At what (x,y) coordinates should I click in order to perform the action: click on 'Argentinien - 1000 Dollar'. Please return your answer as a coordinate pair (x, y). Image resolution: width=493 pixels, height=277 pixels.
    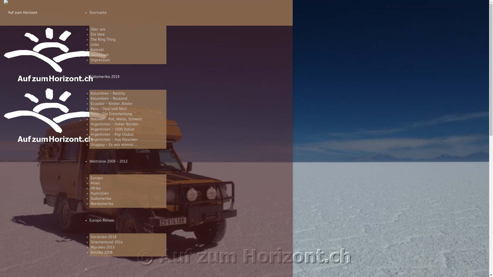
    Looking at the image, I should click on (112, 129).